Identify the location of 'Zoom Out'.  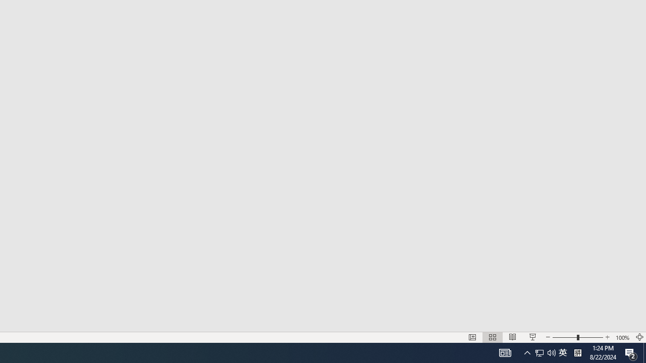
(532, 337).